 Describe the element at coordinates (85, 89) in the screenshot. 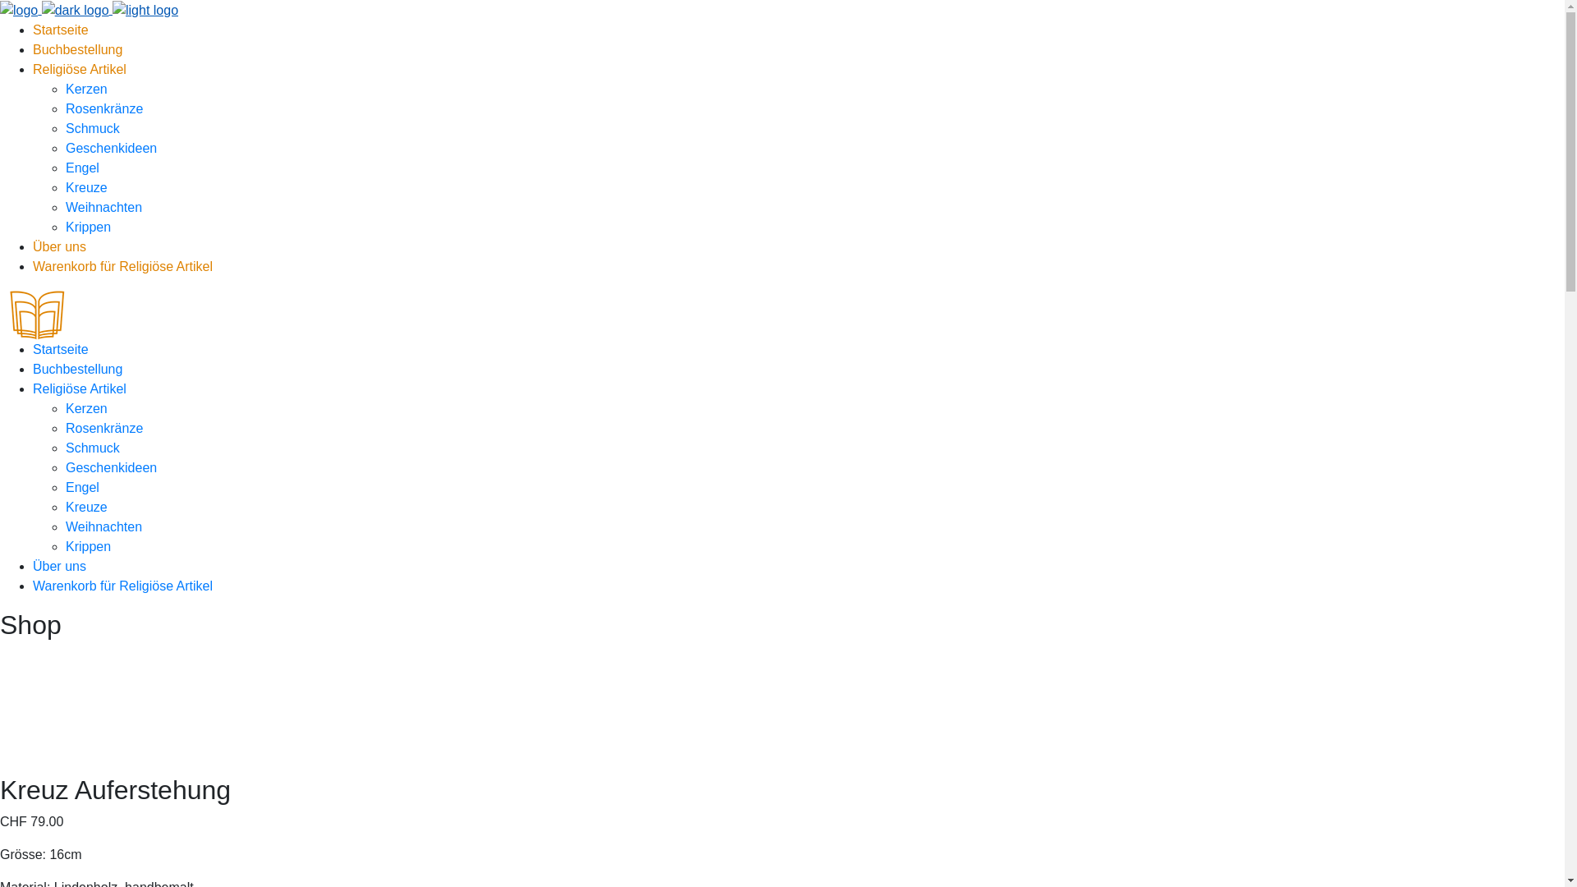

I see `'Kerzen'` at that location.